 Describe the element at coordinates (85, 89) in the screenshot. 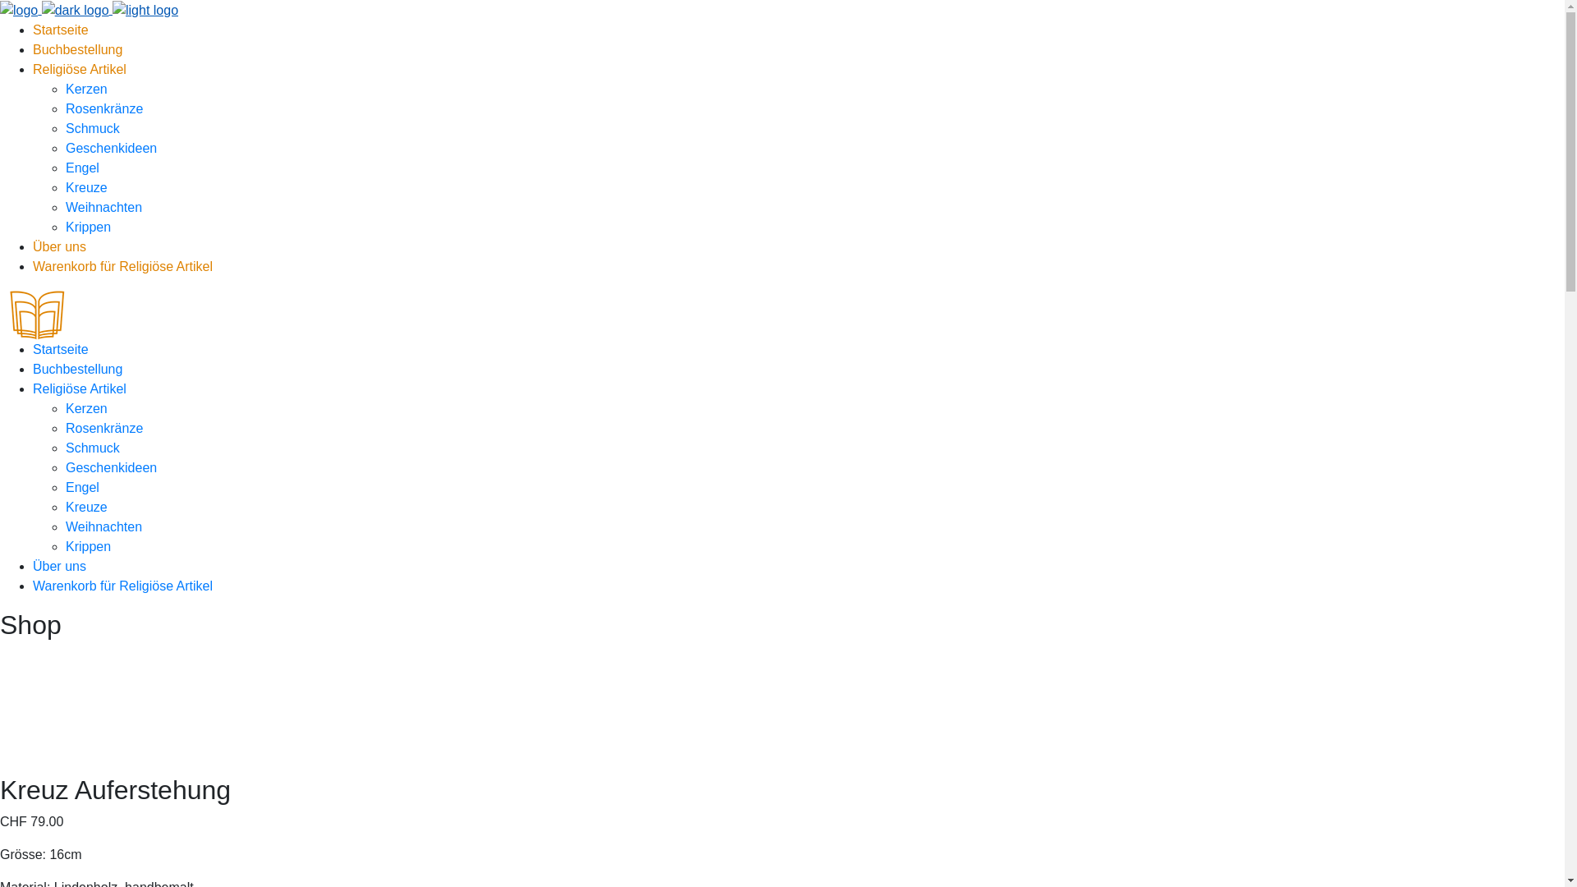

I see `'Kerzen'` at that location.